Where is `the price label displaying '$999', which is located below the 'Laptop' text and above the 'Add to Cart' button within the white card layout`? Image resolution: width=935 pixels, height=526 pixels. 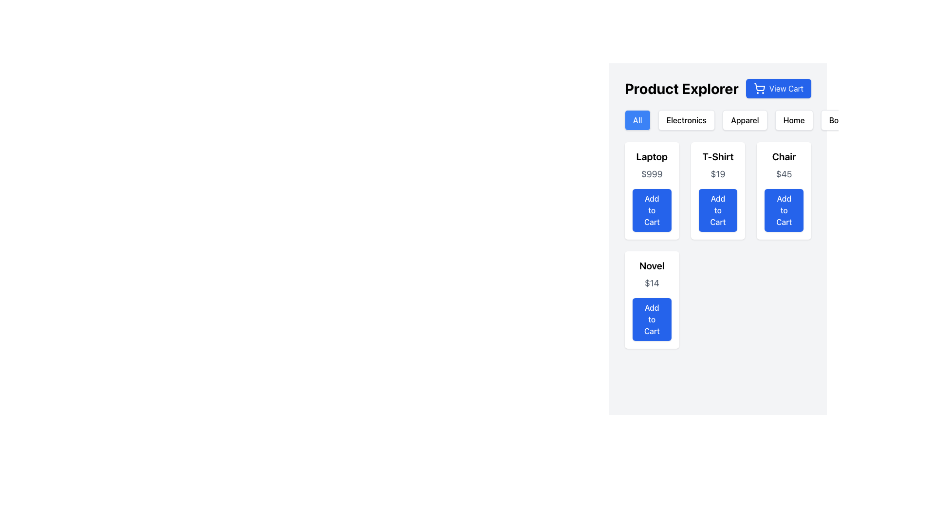 the price label displaying '$999', which is located below the 'Laptop' text and above the 'Add to Cart' button within the white card layout is located at coordinates (652, 174).